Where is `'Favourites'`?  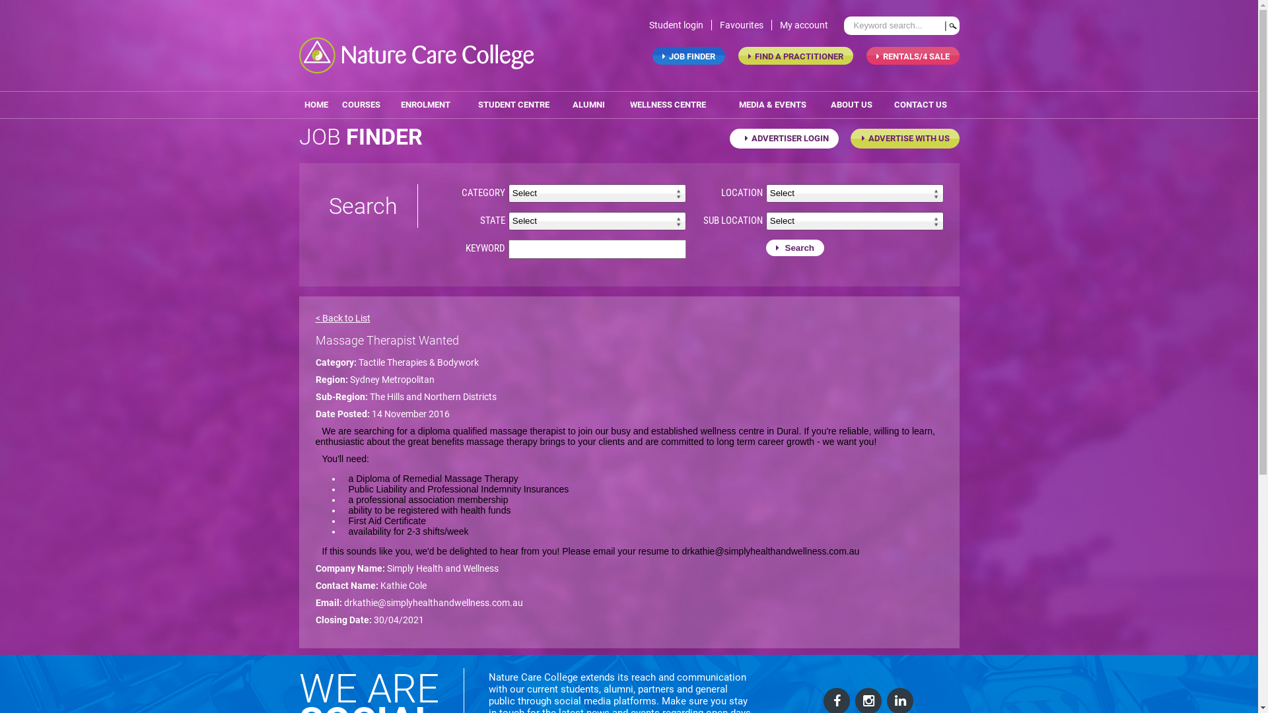
'Favourites' is located at coordinates (746, 25).